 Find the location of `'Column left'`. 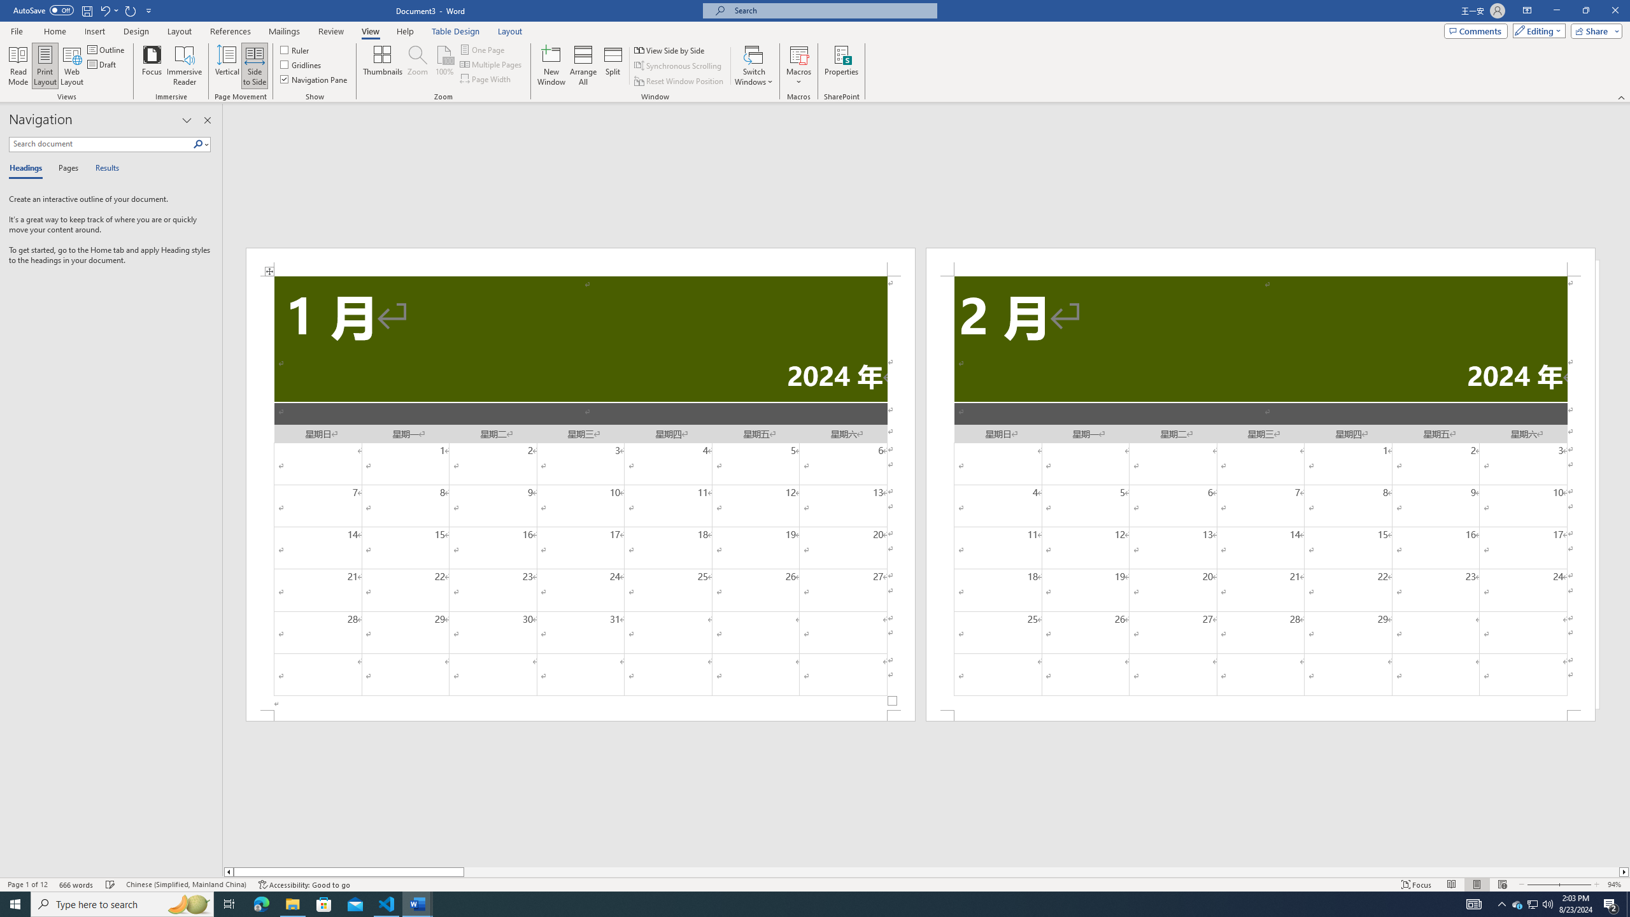

'Column left' is located at coordinates (228, 871).